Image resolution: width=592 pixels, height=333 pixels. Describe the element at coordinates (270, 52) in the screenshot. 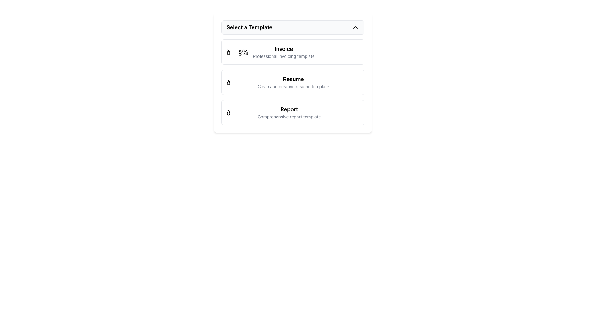

I see `the first selectable list item labeled 'Invoice' with a small emoji and a bold heading, located under the 'Select a Template' header` at that location.